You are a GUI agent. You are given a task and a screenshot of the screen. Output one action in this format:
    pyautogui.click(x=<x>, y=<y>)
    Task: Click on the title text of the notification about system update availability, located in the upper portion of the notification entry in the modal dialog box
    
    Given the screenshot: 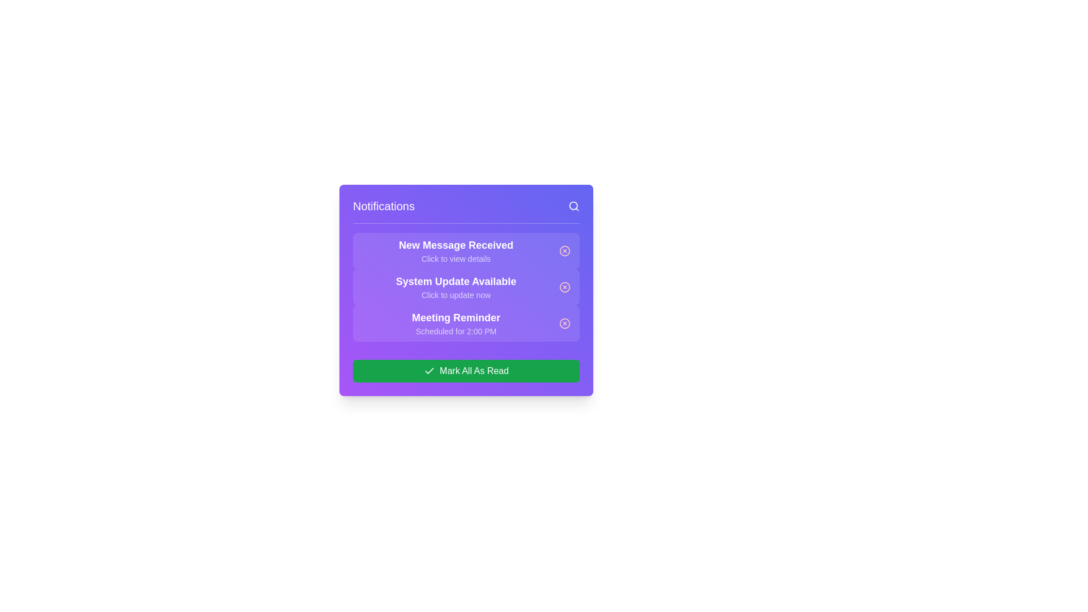 What is the action you would take?
    pyautogui.click(x=456, y=281)
    